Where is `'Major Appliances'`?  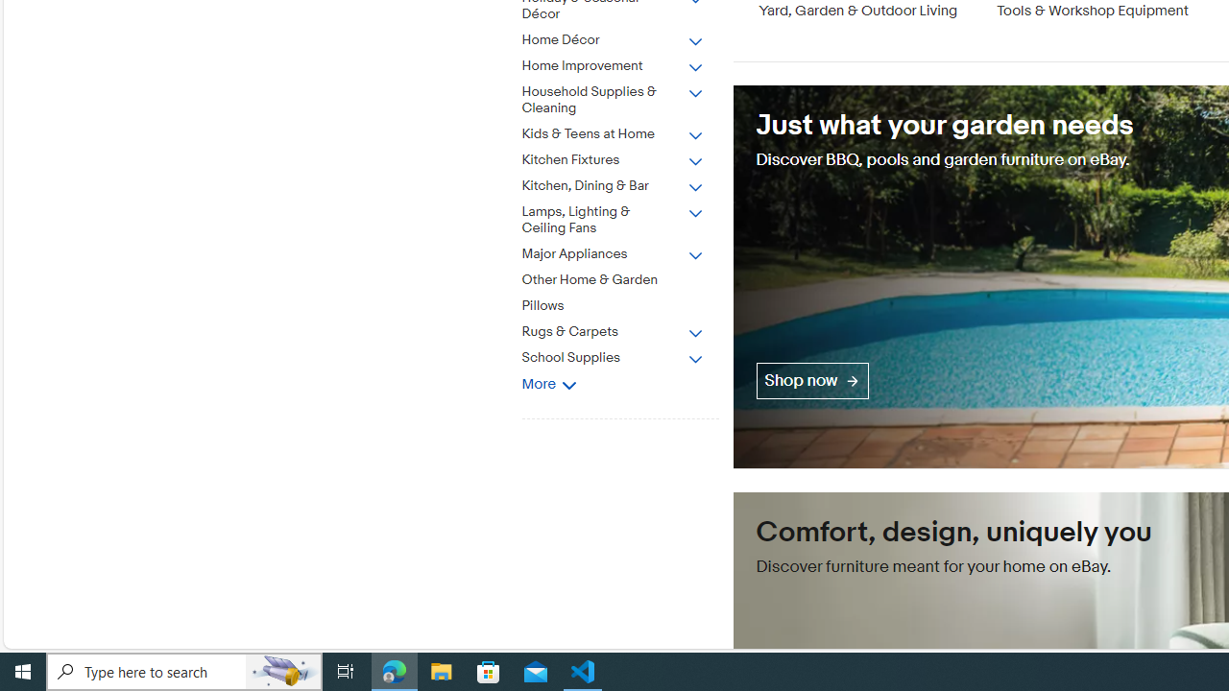
'Major Appliances' is located at coordinates (612, 253).